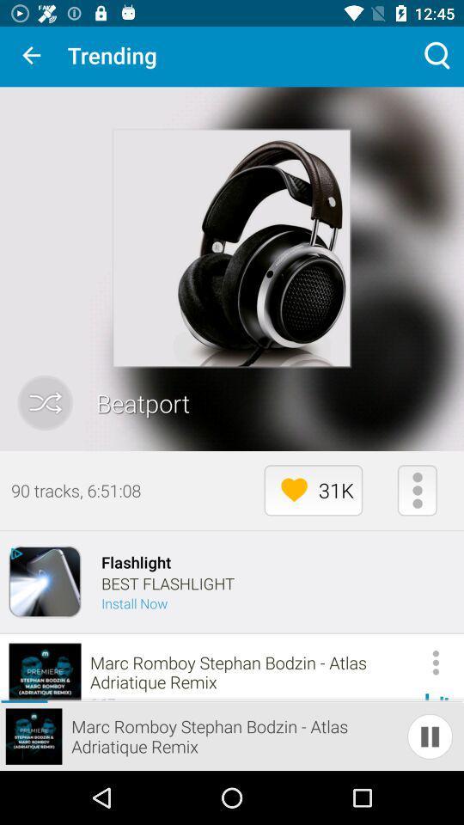  What do you see at coordinates (24, 730) in the screenshot?
I see `the play icon` at bounding box center [24, 730].